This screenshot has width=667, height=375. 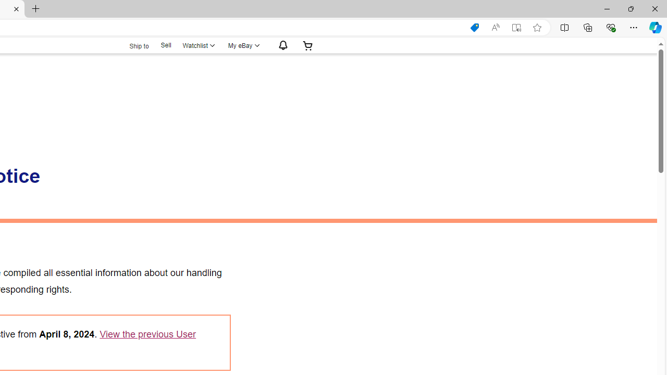 What do you see at coordinates (242, 45) in the screenshot?
I see `'My eBay'` at bounding box center [242, 45].